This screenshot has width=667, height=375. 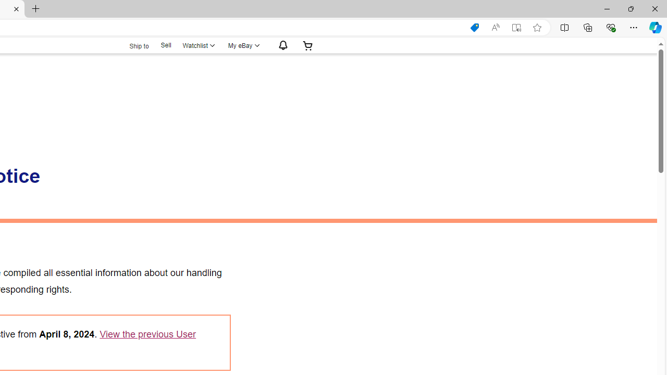 What do you see at coordinates (242, 45) in the screenshot?
I see `'My eBay'` at bounding box center [242, 45].